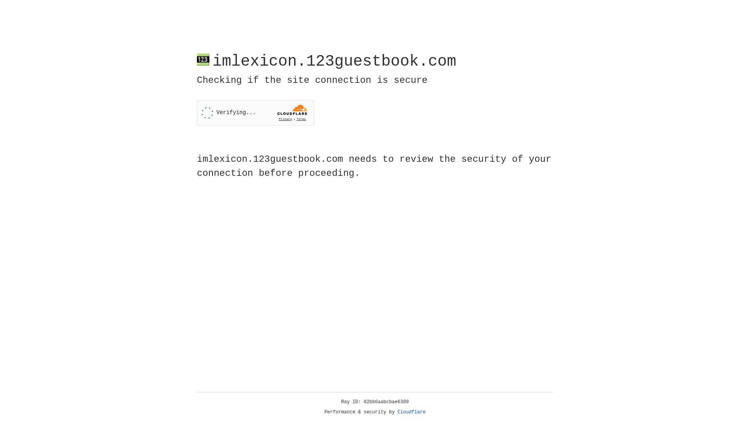  I want to click on 'Widget containing a Cloudflare security challenge', so click(255, 113).